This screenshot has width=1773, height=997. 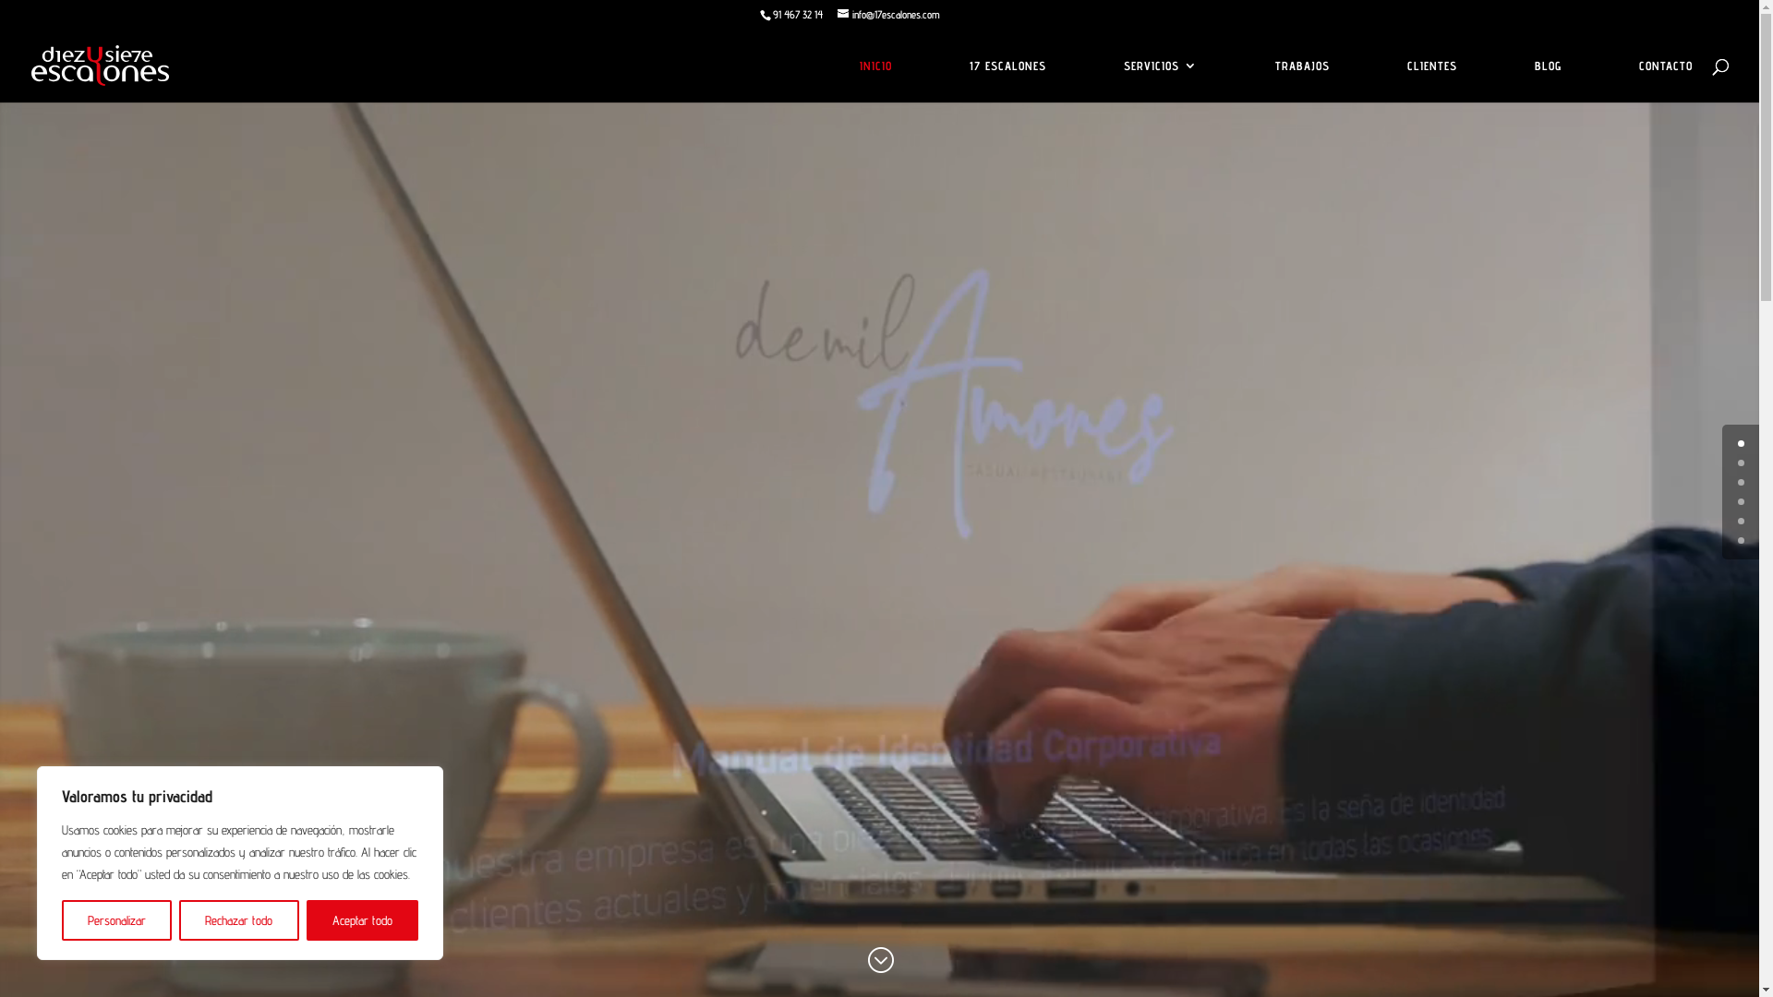 What do you see at coordinates (62, 919) in the screenshot?
I see `'Personalizar'` at bounding box center [62, 919].